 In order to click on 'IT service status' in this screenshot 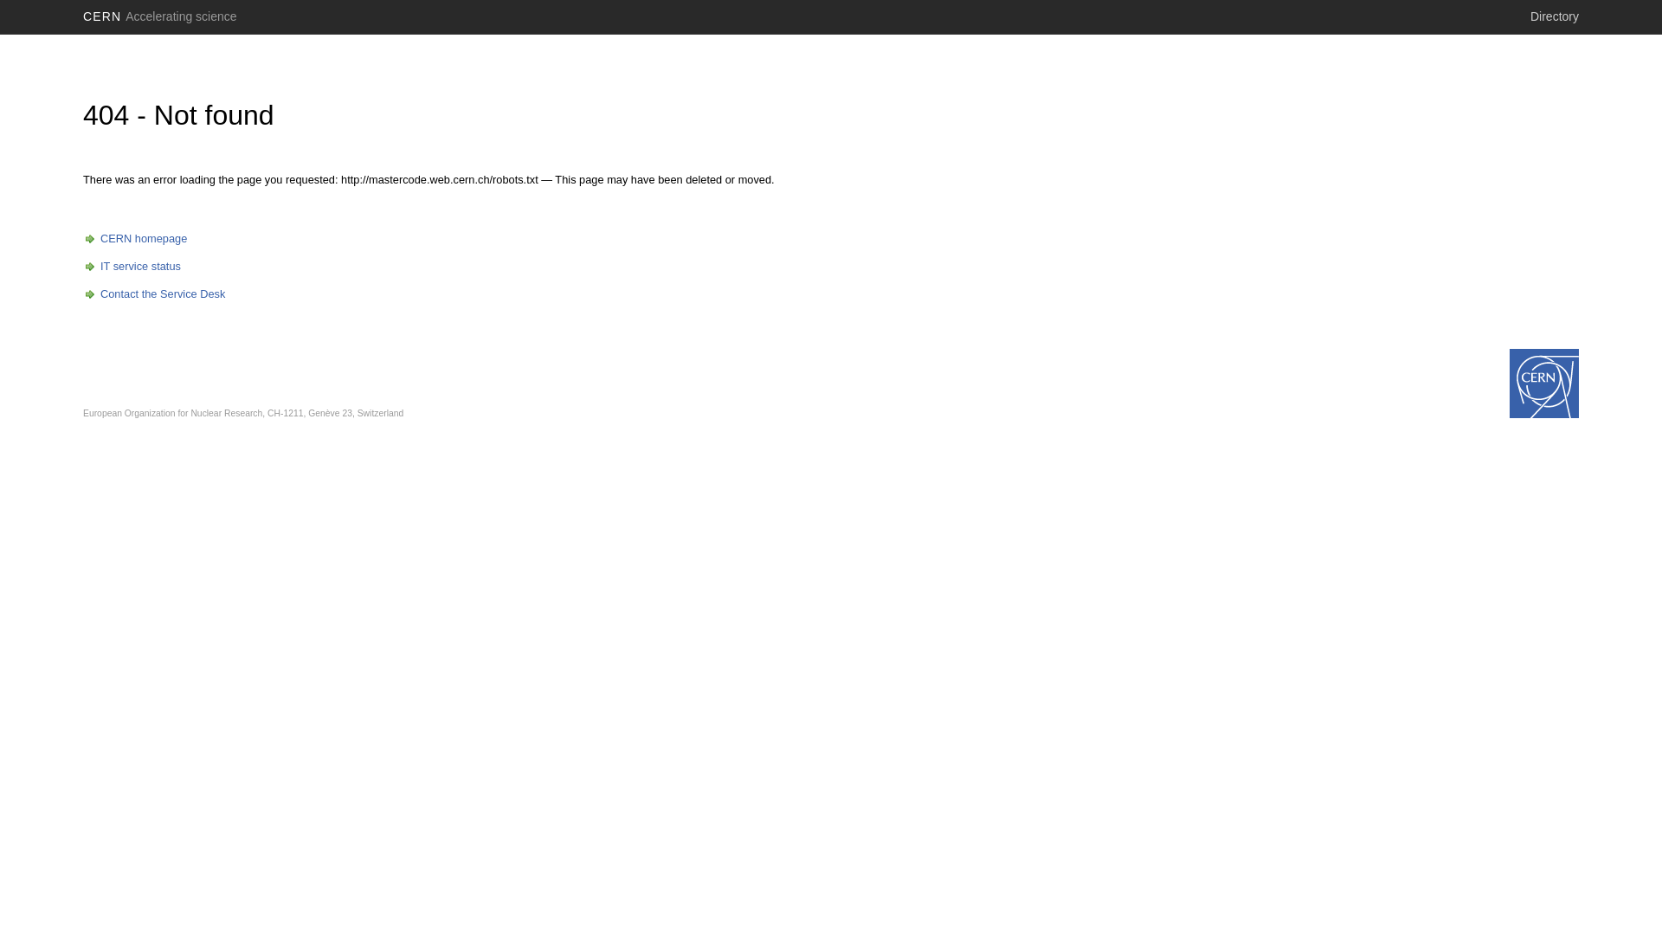, I will do `click(131, 266)`.